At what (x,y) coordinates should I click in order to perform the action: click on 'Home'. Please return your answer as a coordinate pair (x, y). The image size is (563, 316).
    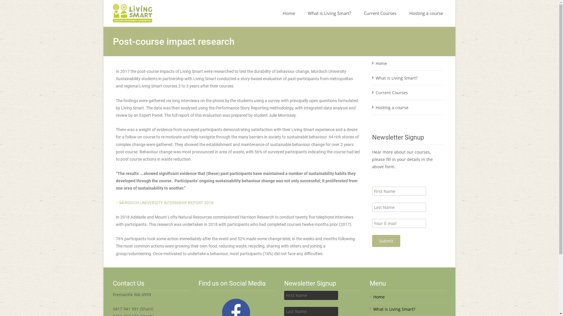
    Looking at the image, I should click on (289, 13).